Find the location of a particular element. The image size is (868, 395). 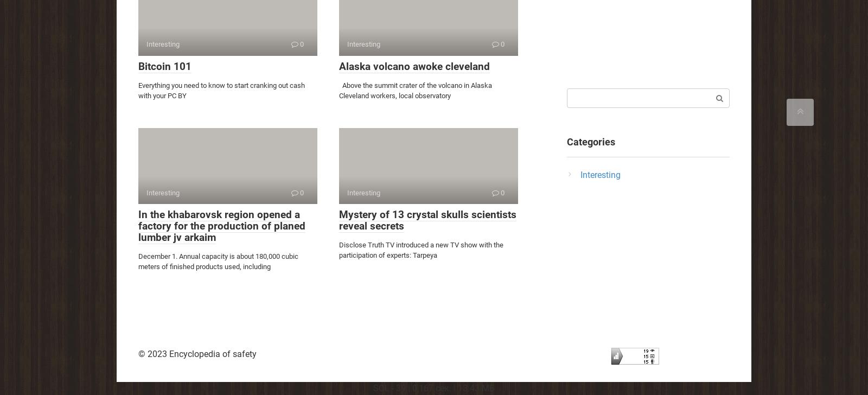

'Everything you need to know to start cranking out cash with your PC BY' is located at coordinates (221, 90).